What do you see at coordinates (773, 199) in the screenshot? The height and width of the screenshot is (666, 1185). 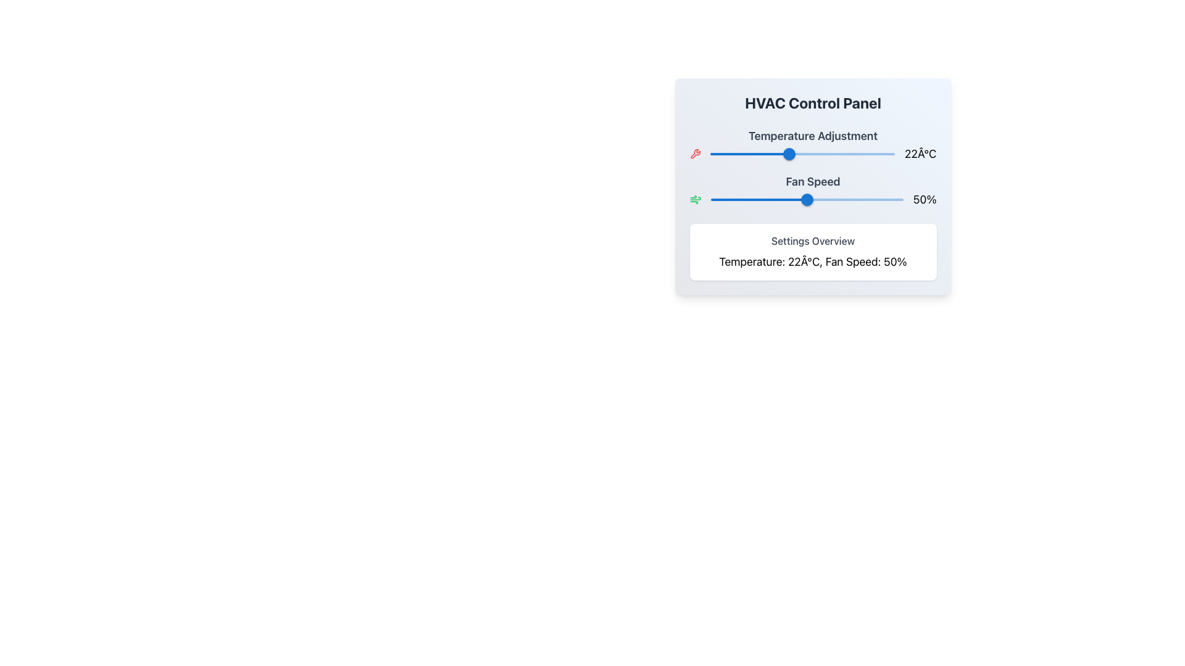 I see `the fan speed` at bounding box center [773, 199].